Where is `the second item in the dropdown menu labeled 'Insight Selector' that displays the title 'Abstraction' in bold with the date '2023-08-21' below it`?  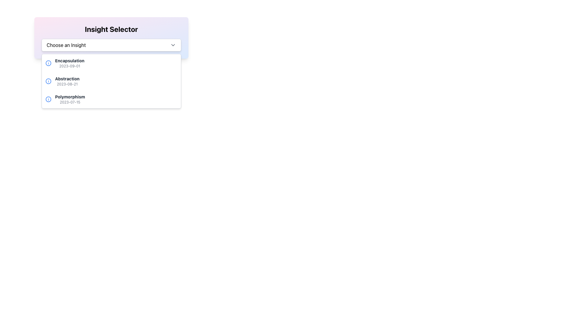
the second item in the dropdown menu labeled 'Insight Selector' that displays the title 'Abstraction' in bold with the date '2023-08-21' below it is located at coordinates (111, 81).